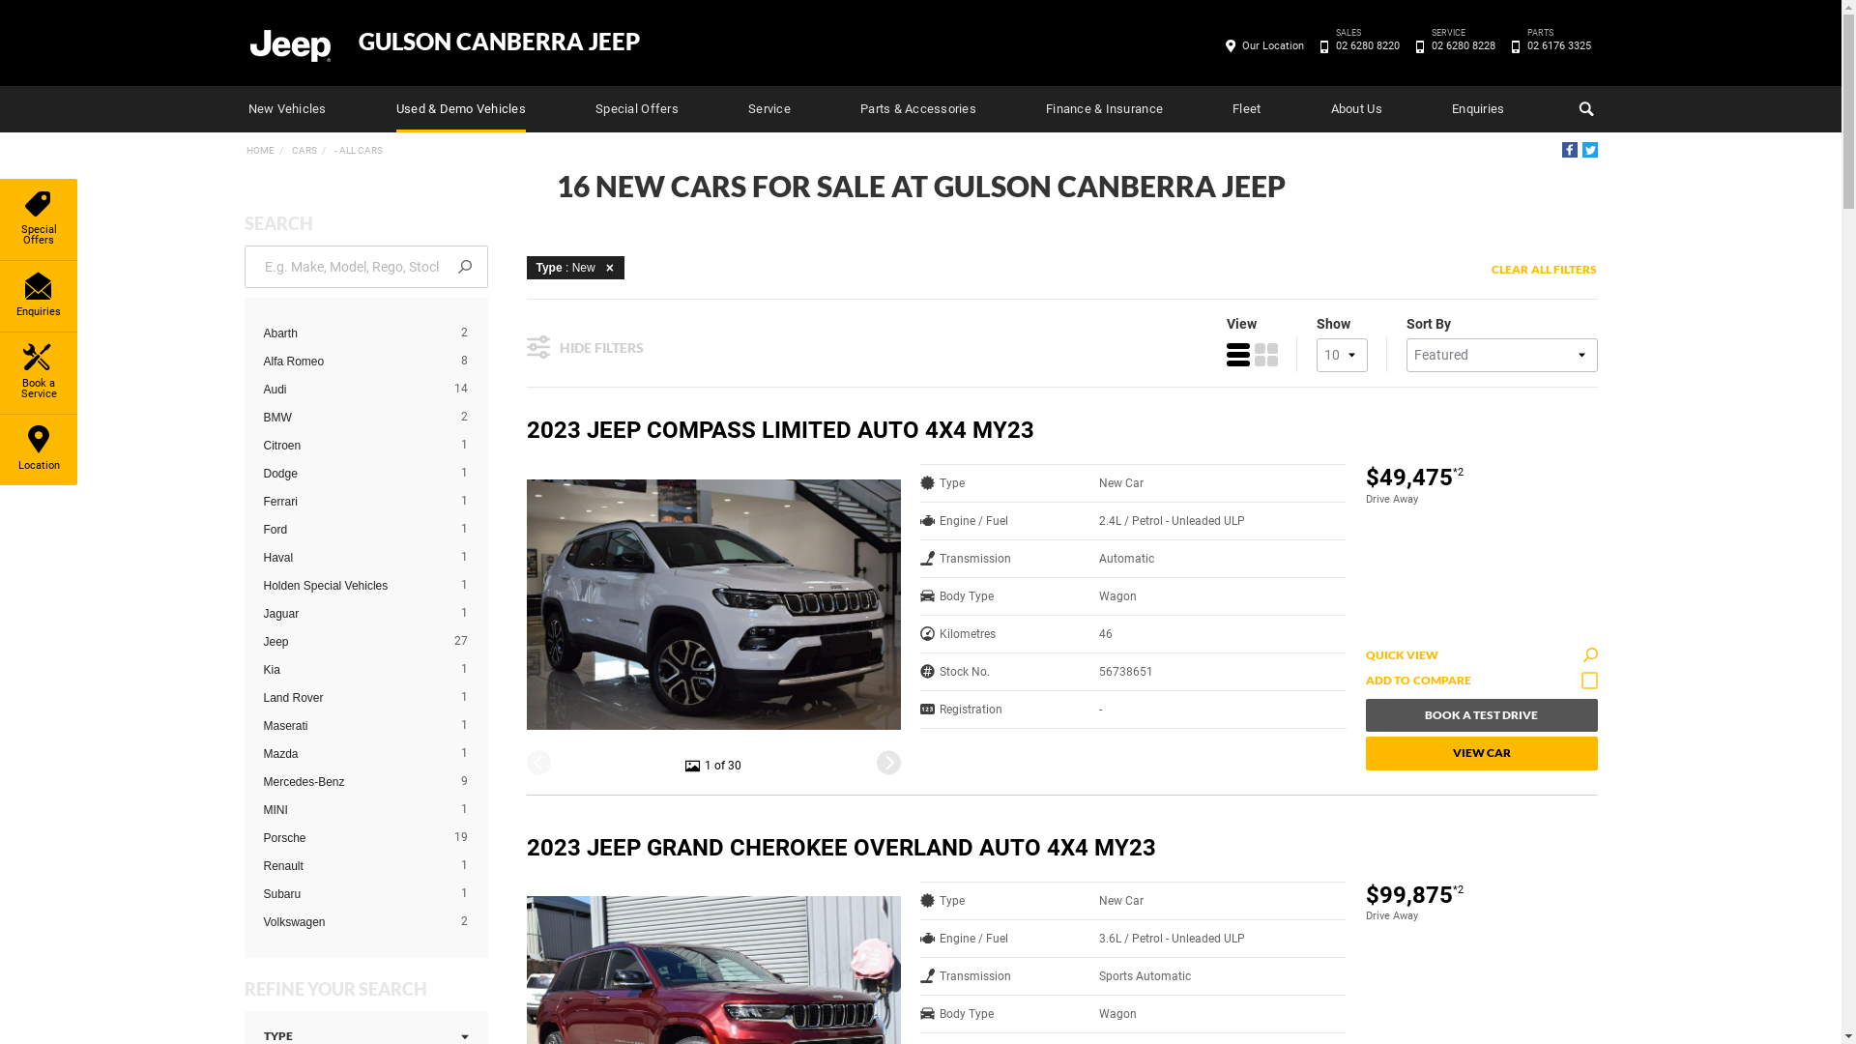 This screenshot has height=1044, width=1856. Describe the element at coordinates (351, 837) in the screenshot. I see `'Porsche'` at that location.